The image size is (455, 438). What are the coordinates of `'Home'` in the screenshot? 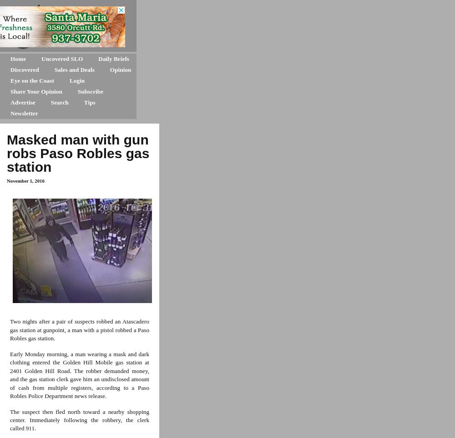 It's located at (10, 59).